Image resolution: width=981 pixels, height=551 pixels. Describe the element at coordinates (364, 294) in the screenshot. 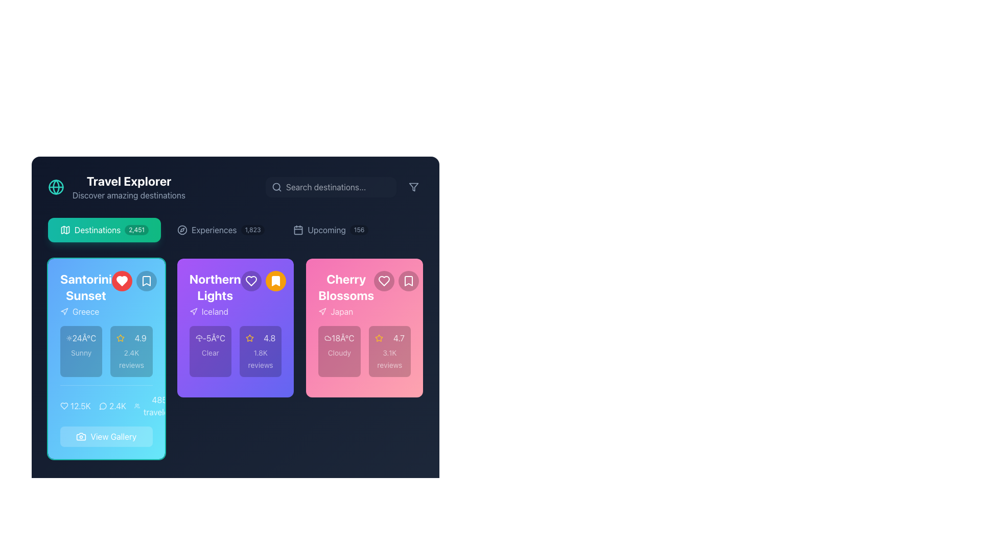

I see `the interactive text label indicating 'Cherry Blossoms' and 'Japan' located at the top-left of a pink gradient card in the third column of the grid` at that location.